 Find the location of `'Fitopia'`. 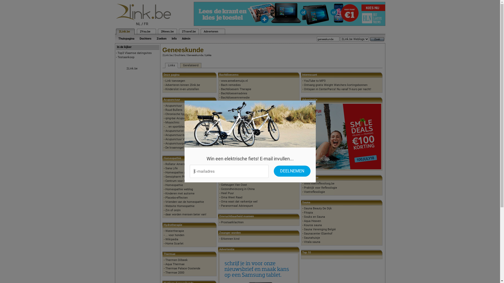

'Fitopia' is located at coordinates (308, 213).